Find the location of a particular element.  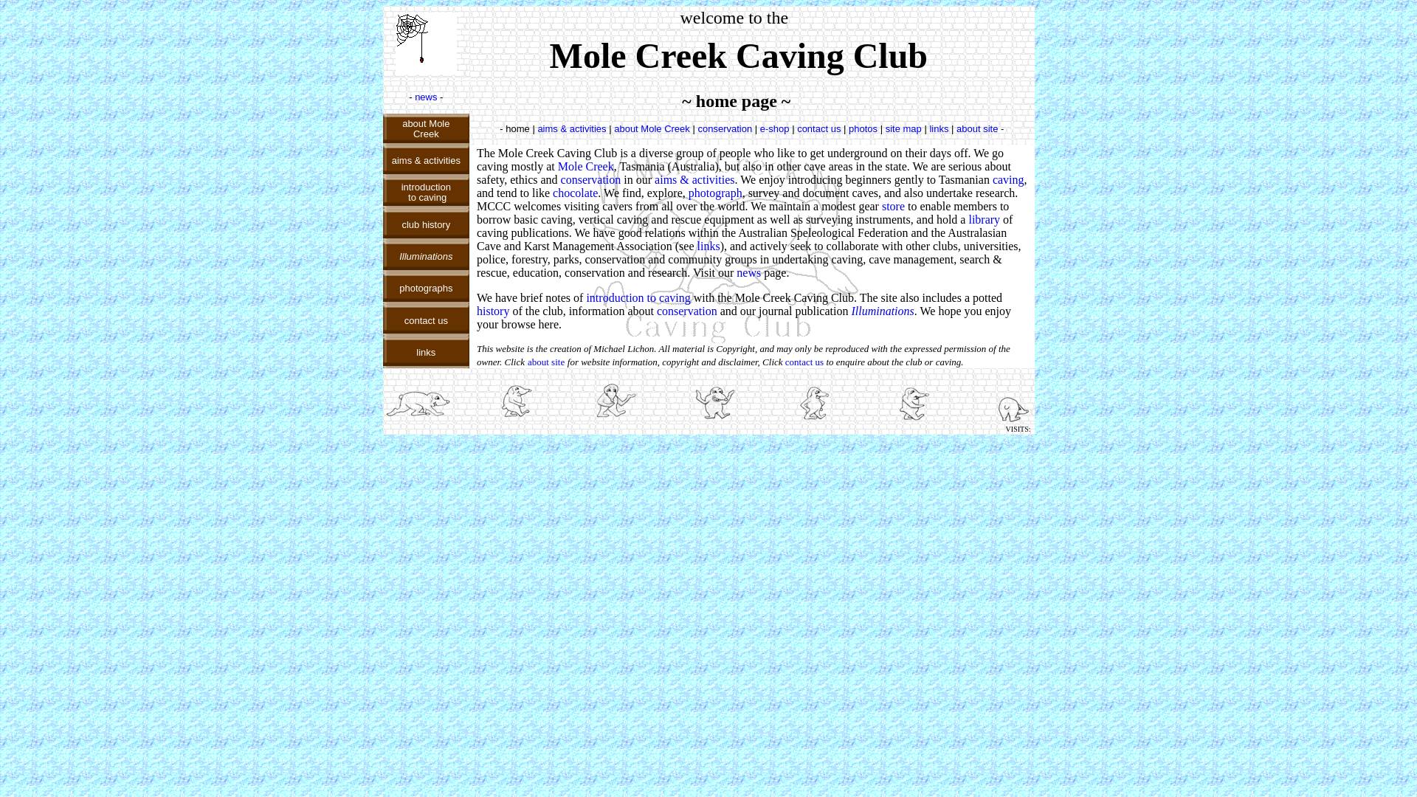

'library' is located at coordinates (968, 219).